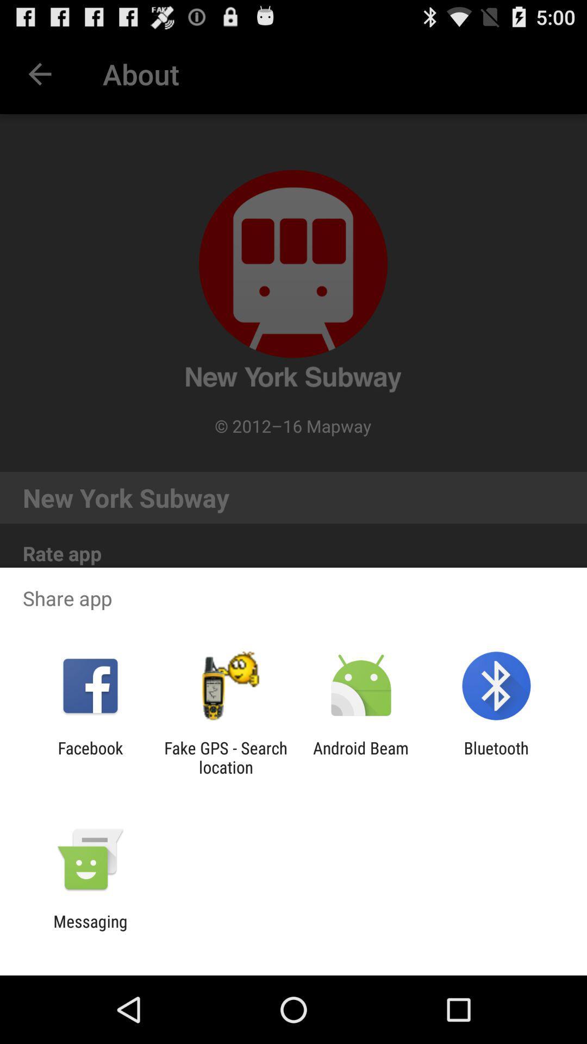 This screenshot has height=1044, width=587. I want to click on item to the left of the fake gps search, so click(90, 757).